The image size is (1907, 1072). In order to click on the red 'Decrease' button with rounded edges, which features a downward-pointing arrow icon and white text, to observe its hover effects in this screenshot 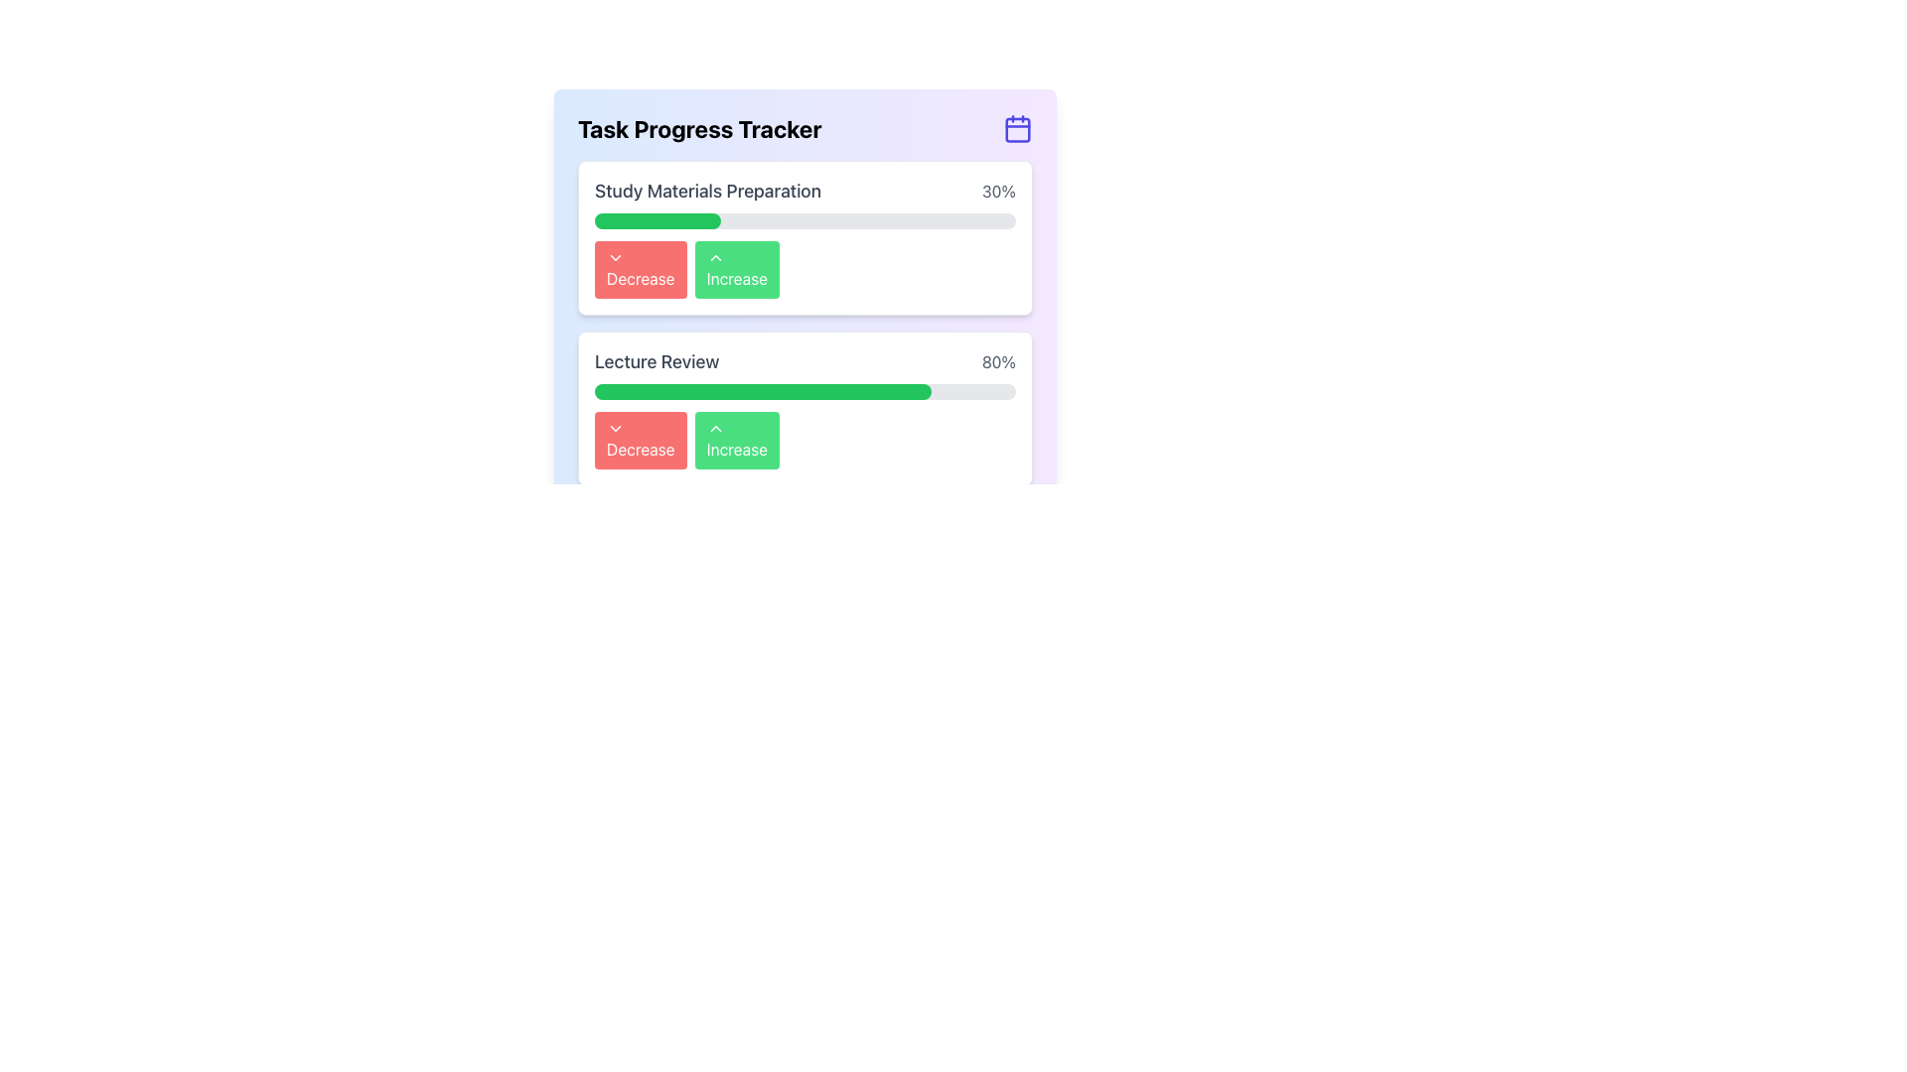, I will do `click(641, 270)`.